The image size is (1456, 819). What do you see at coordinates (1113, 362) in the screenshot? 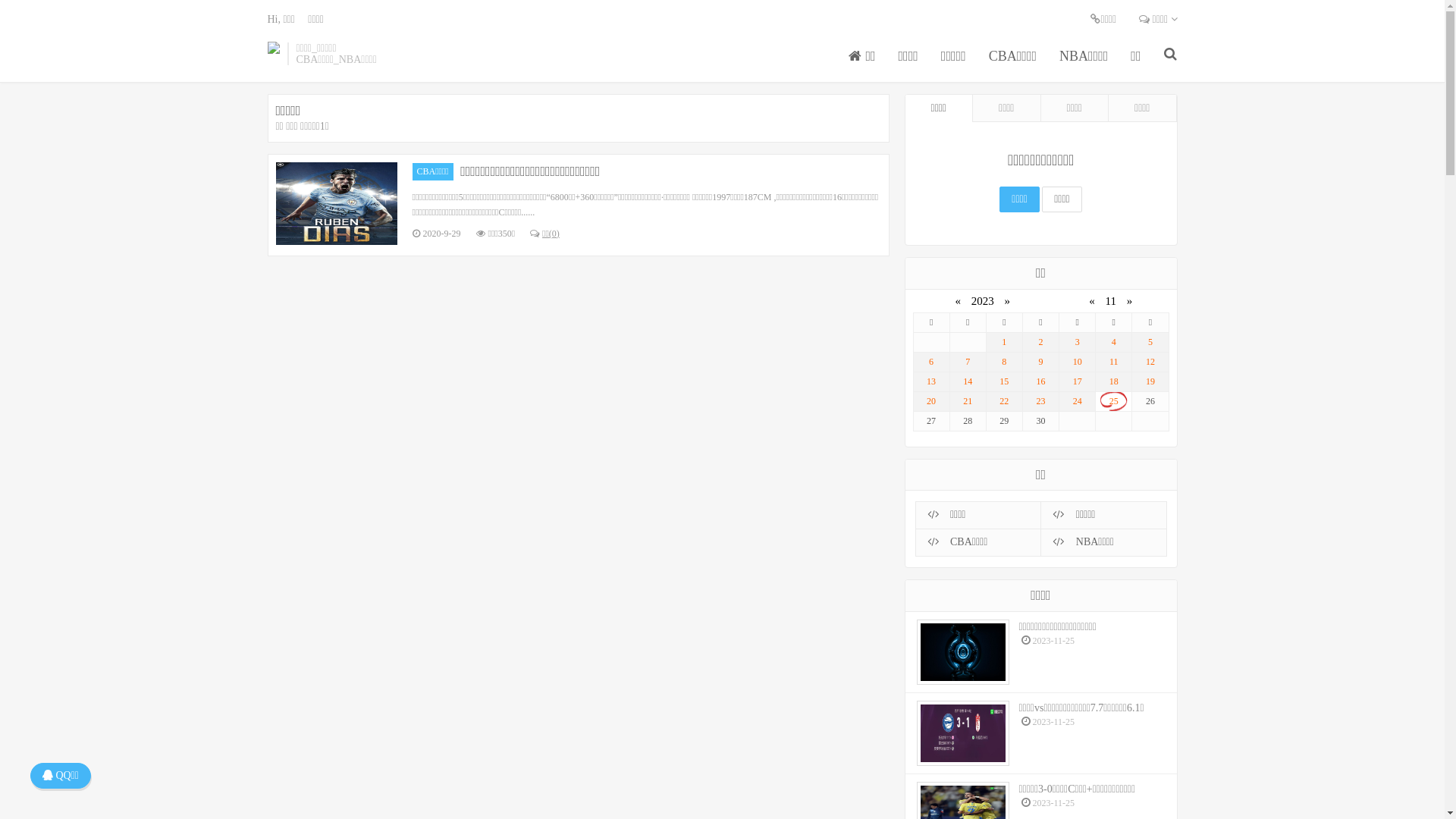
I see `'11'` at bounding box center [1113, 362].